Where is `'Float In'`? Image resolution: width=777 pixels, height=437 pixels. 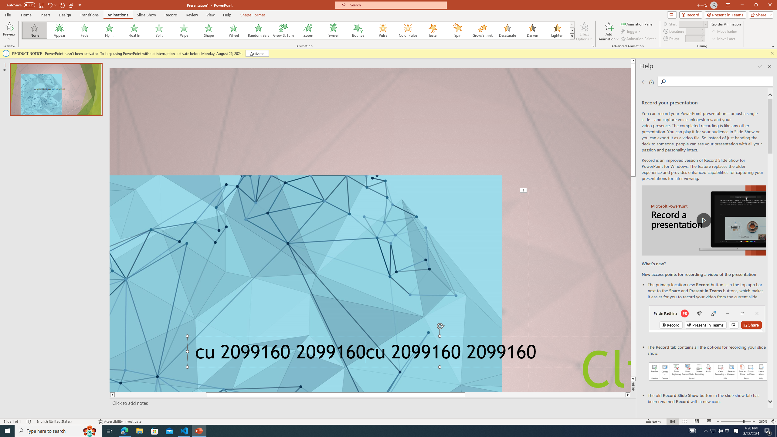 'Float In' is located at coordinates (134, 30).